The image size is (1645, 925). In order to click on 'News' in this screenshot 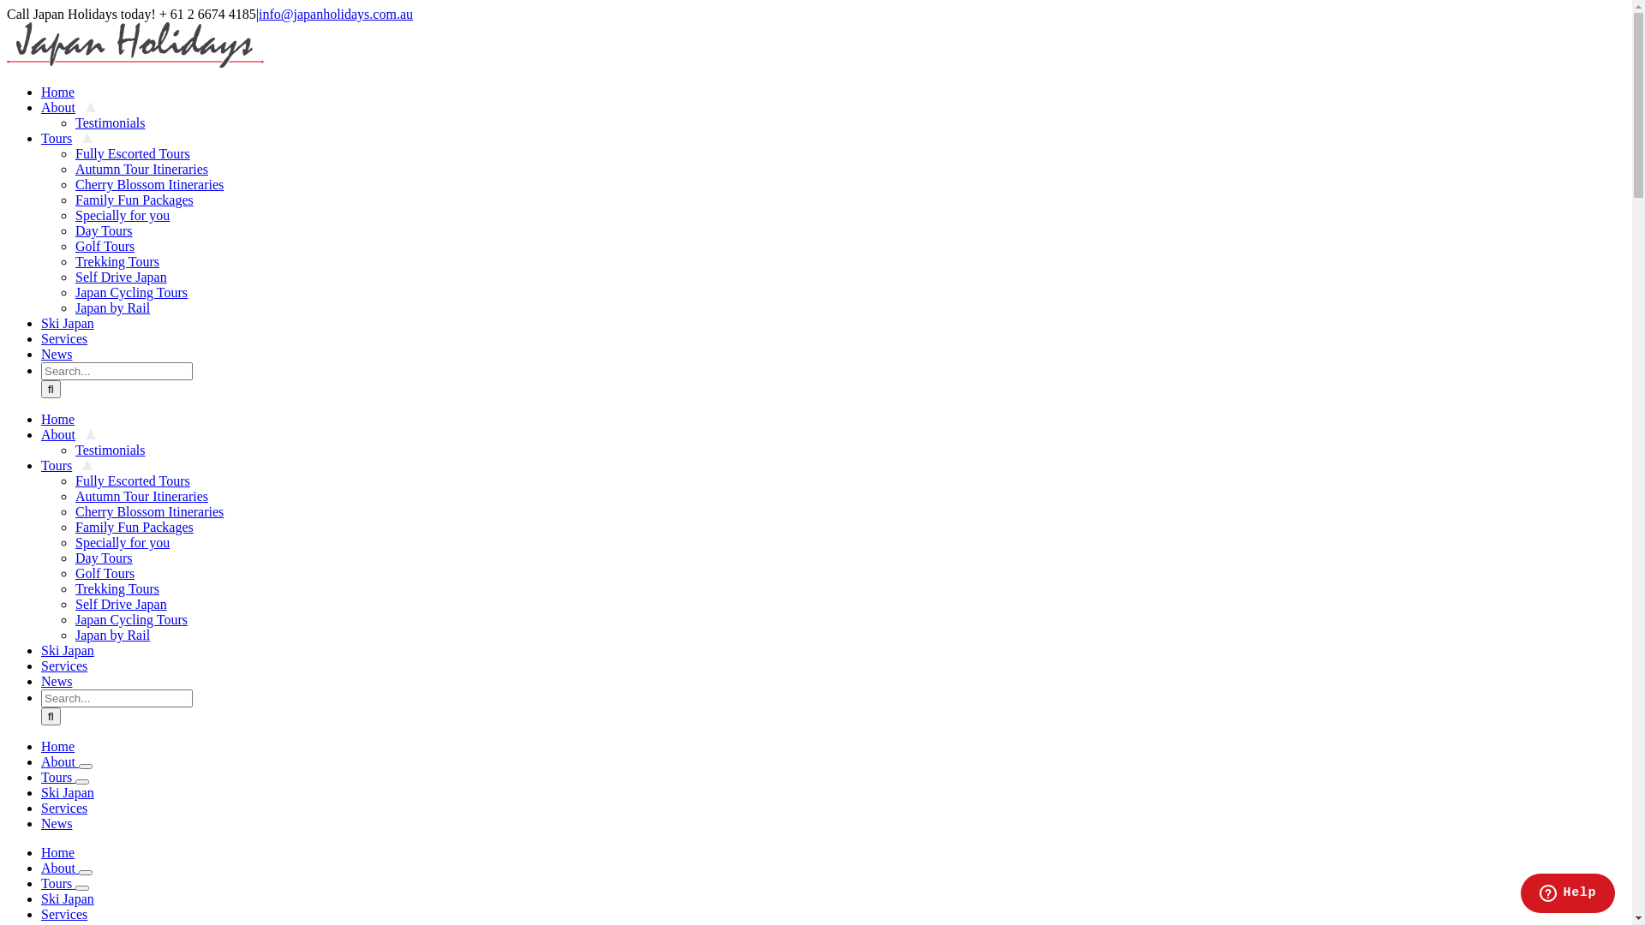, I will do `click(62, 680)`.